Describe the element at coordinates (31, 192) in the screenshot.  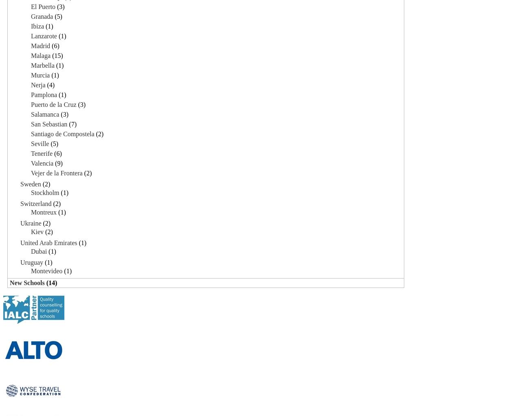
I see `'Stockholm'` at that location.